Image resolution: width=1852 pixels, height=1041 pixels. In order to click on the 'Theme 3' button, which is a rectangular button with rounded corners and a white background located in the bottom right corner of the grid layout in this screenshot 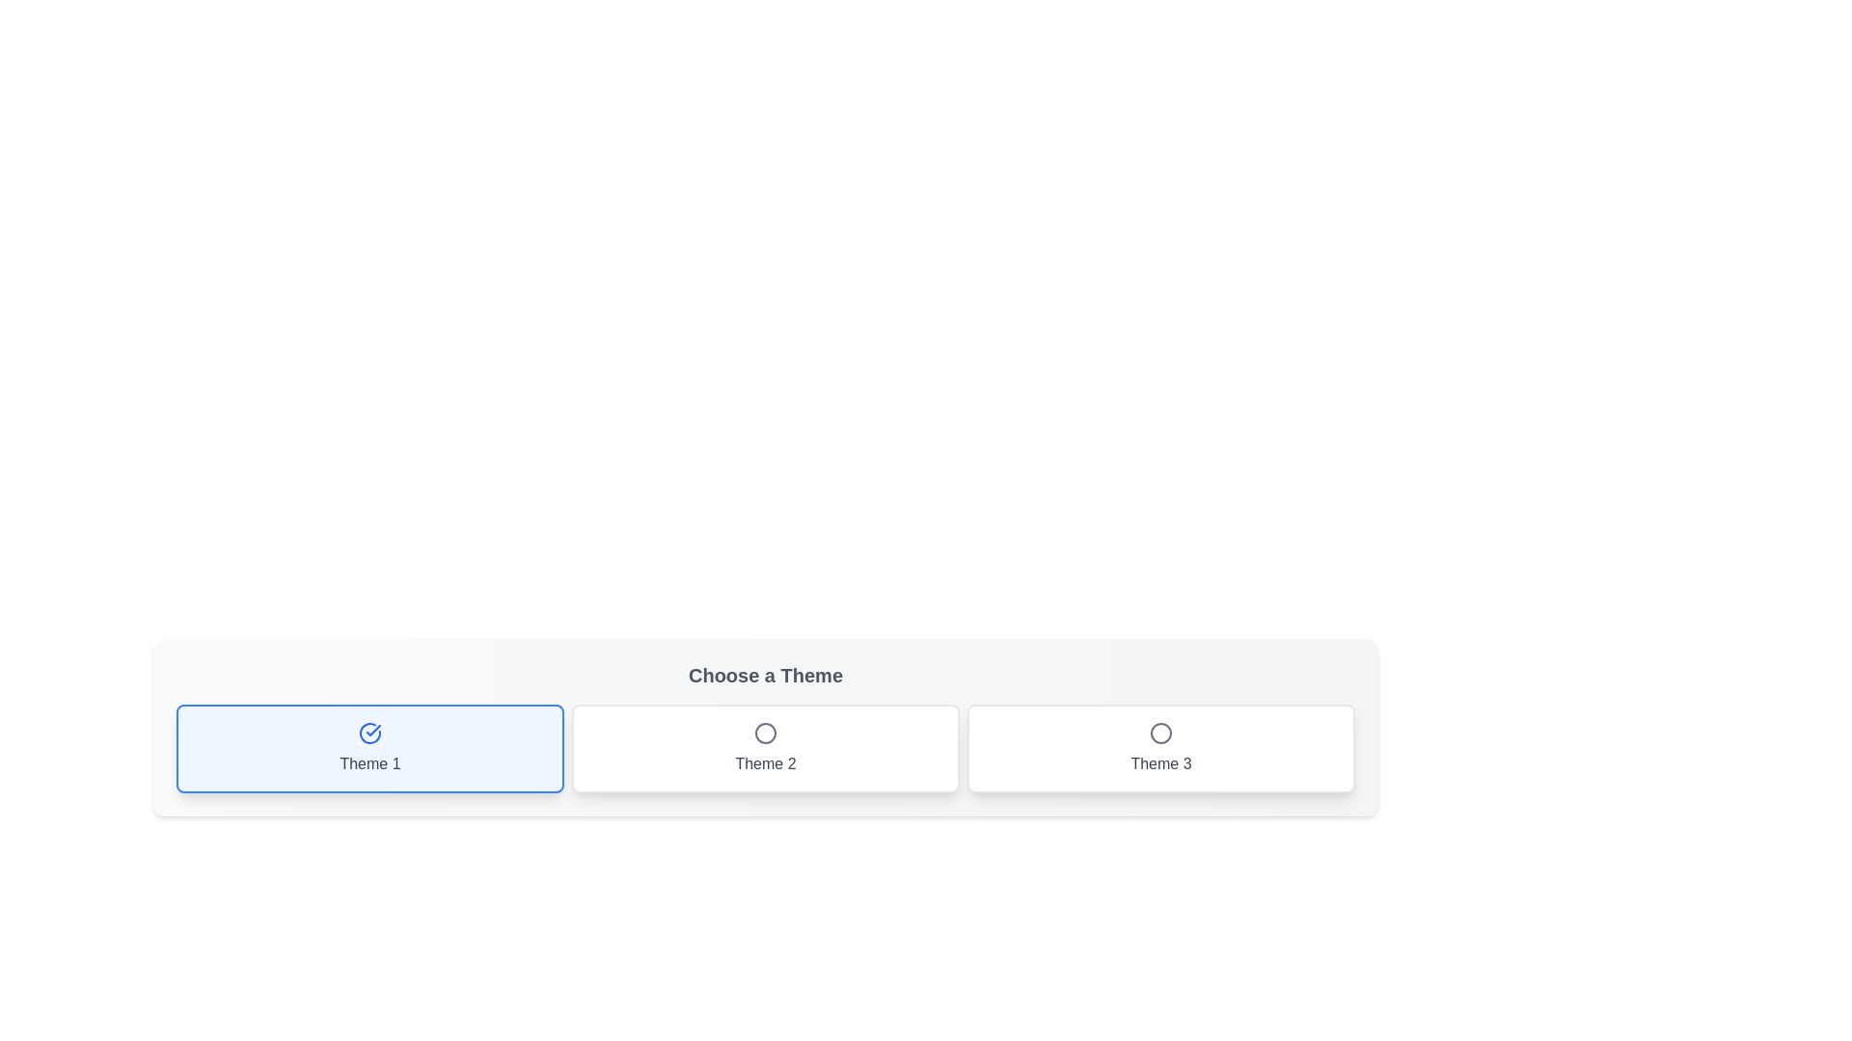, I will do `click(1160, 747)`.